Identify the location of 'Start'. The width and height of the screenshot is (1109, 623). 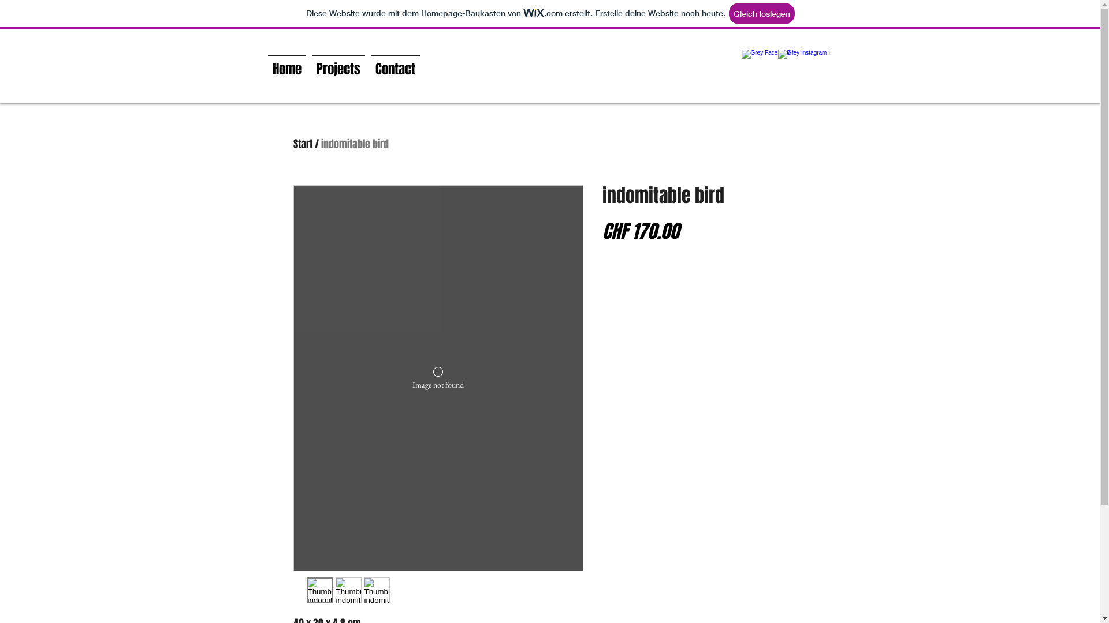
(303, 144).